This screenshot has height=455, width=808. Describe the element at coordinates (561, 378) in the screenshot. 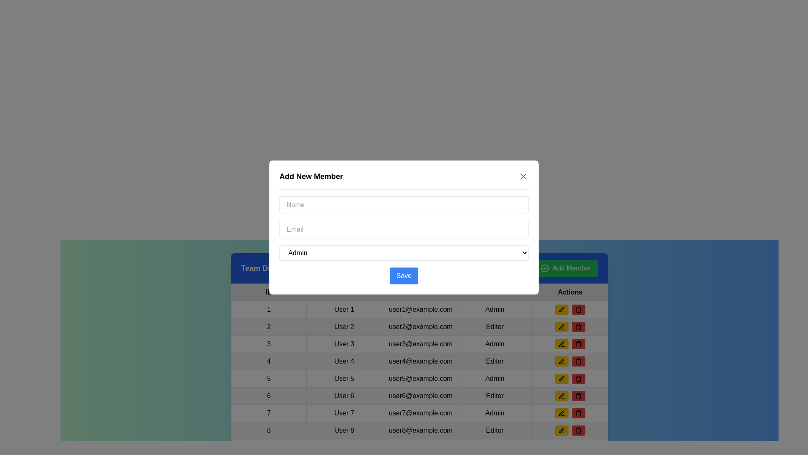

I see `the yellow rounded button with a pen icon in the 'Actions' column next to 'user5@example.com'` at that location.